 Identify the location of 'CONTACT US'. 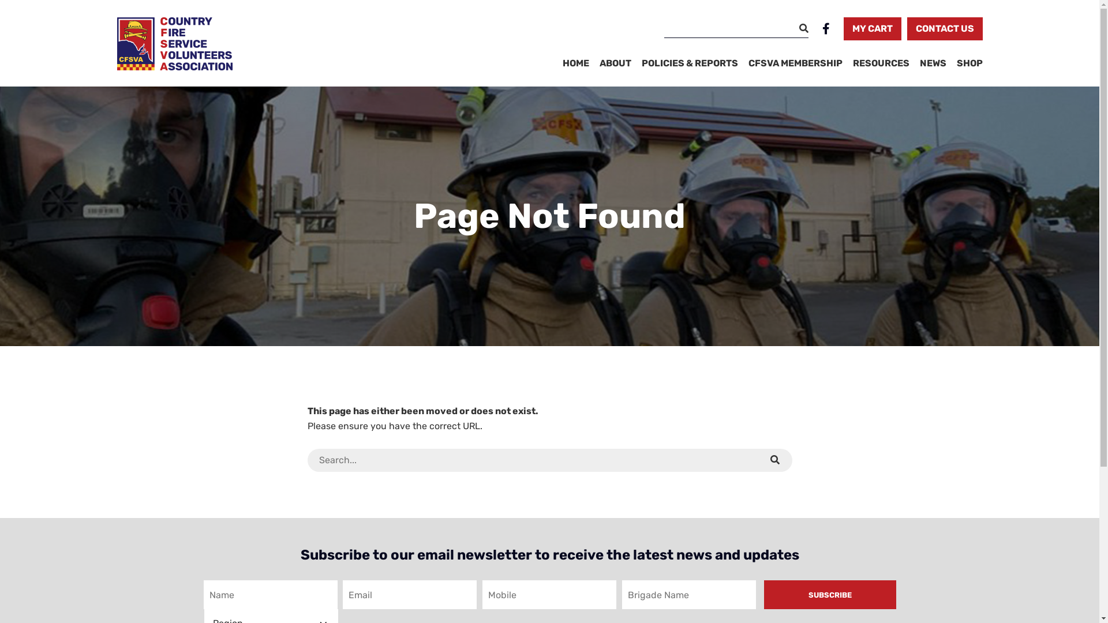
(945, 28).